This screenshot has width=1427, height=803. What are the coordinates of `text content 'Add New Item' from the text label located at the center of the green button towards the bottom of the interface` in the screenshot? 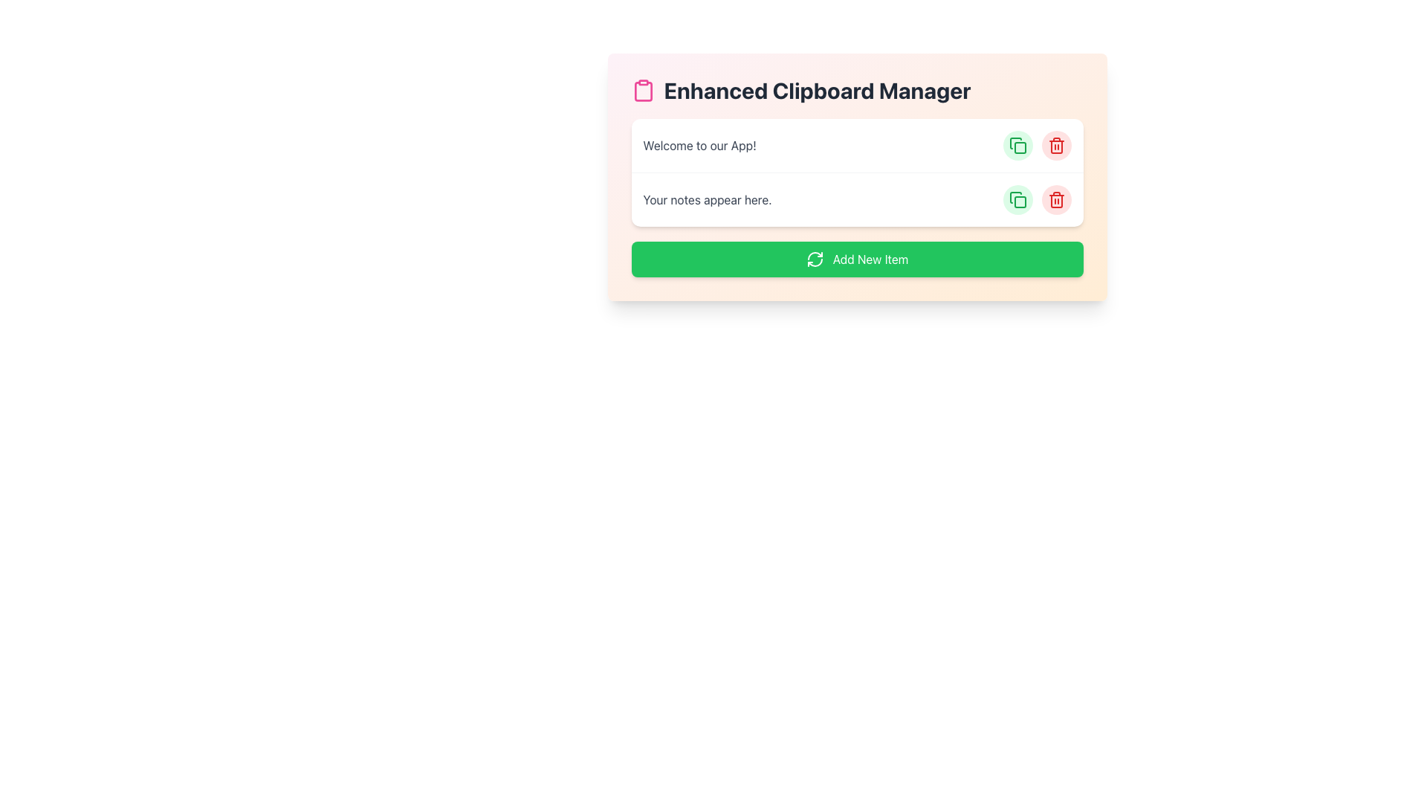 It's located at (870, 258).